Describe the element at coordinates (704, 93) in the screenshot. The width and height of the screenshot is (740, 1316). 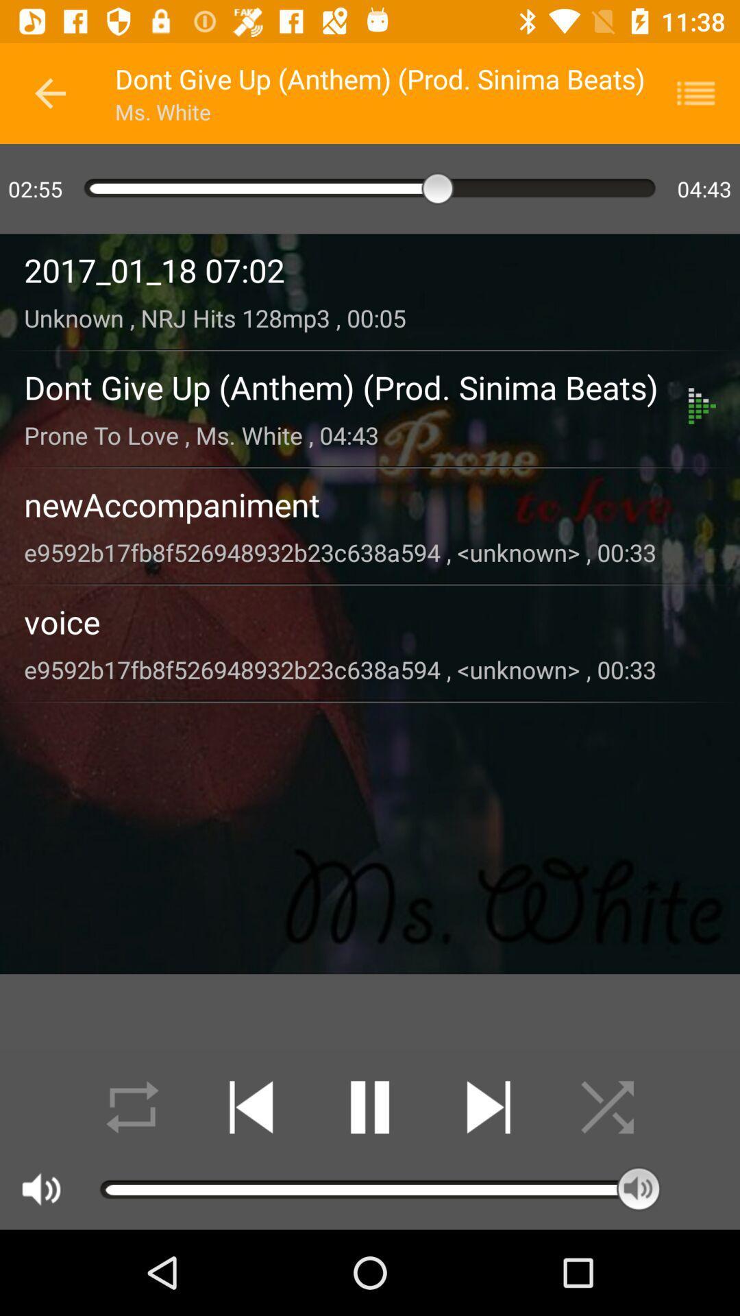
I see `bring up playlist` at that location.